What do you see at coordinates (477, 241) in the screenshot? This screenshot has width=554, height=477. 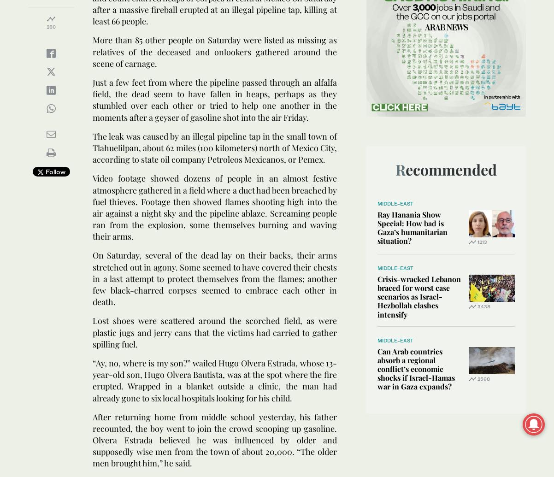 I see `'1213'` at bounding box center [477, 241].